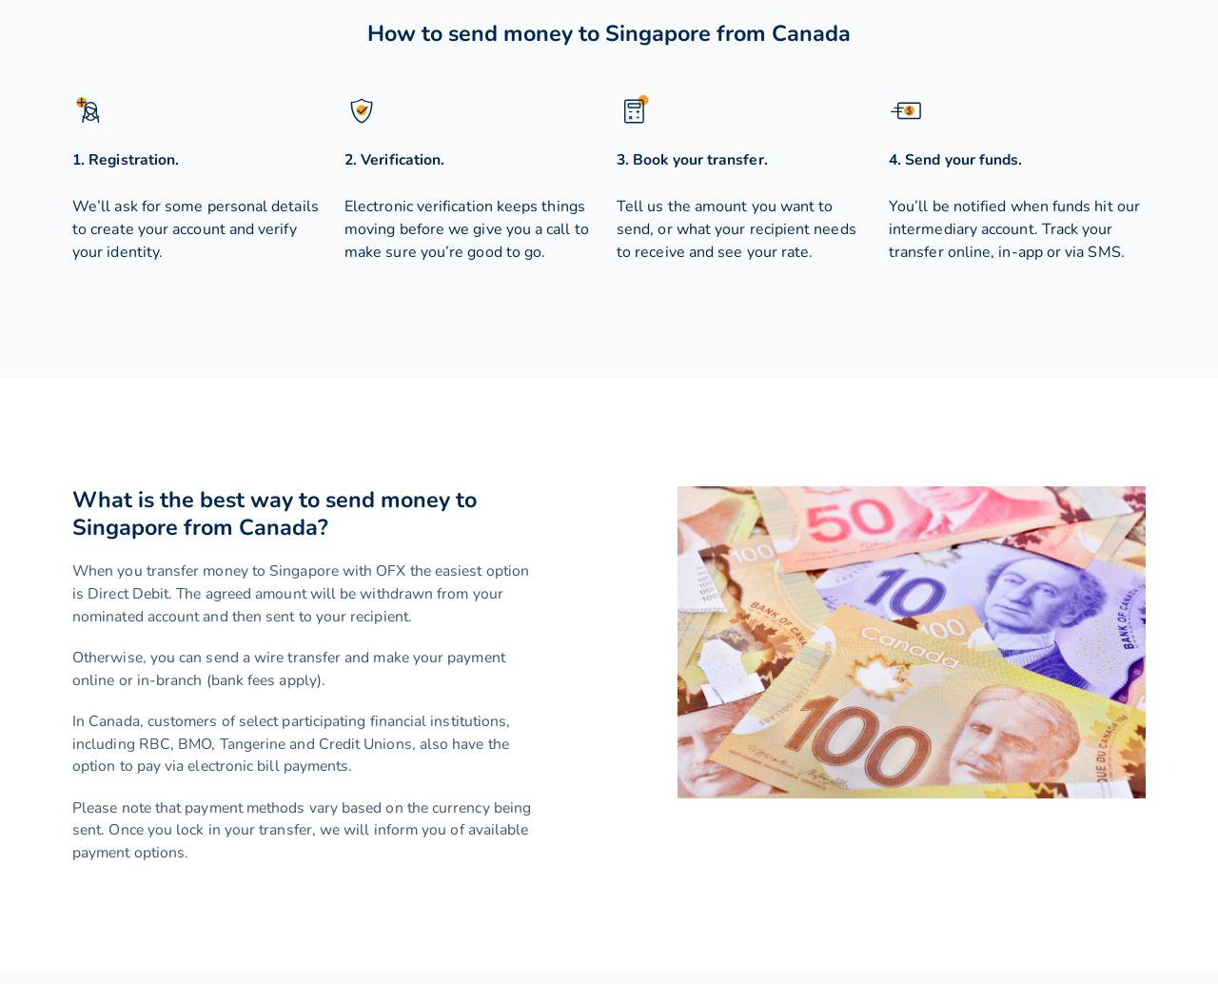 This screenshot has height=984, width=1218. Describe the element at coordinates (655, 618) in the screenshot. I see `'NZD'` at that location.